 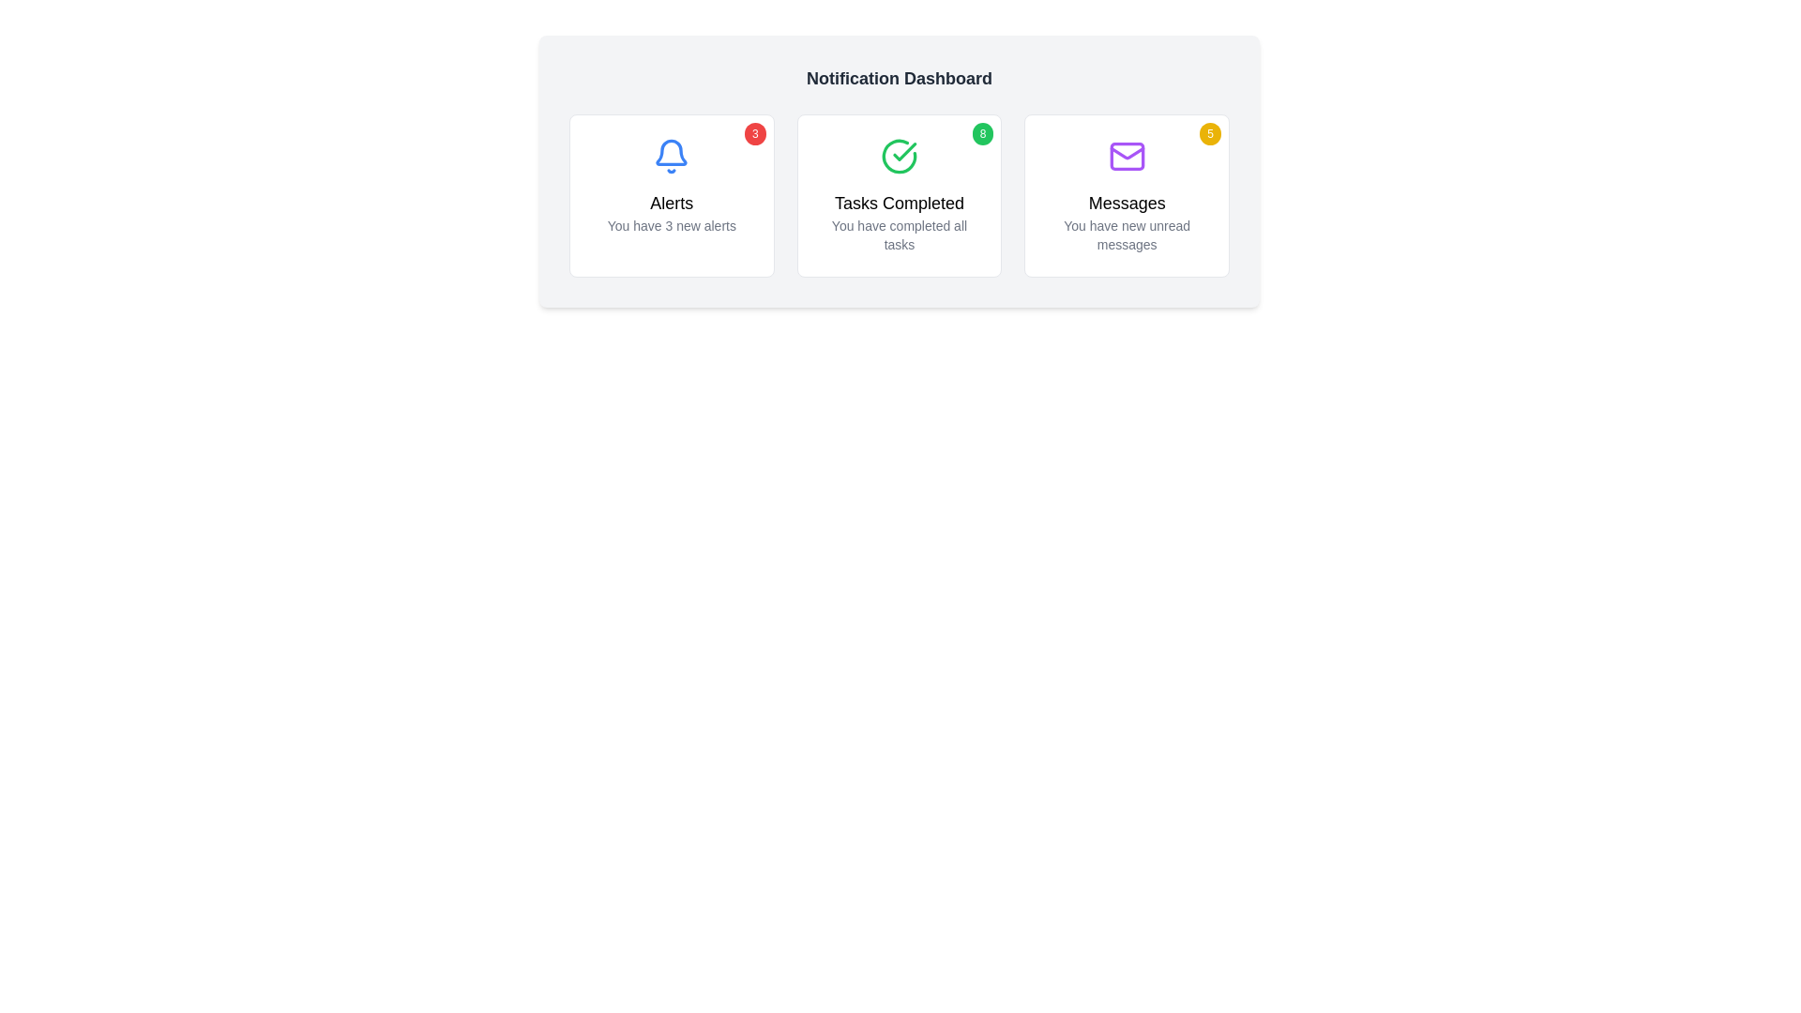 I want to click on text 'Tasks Completed' displayed prominently at the top of the middle card in a three-card layout, so click(x=899, y=203).